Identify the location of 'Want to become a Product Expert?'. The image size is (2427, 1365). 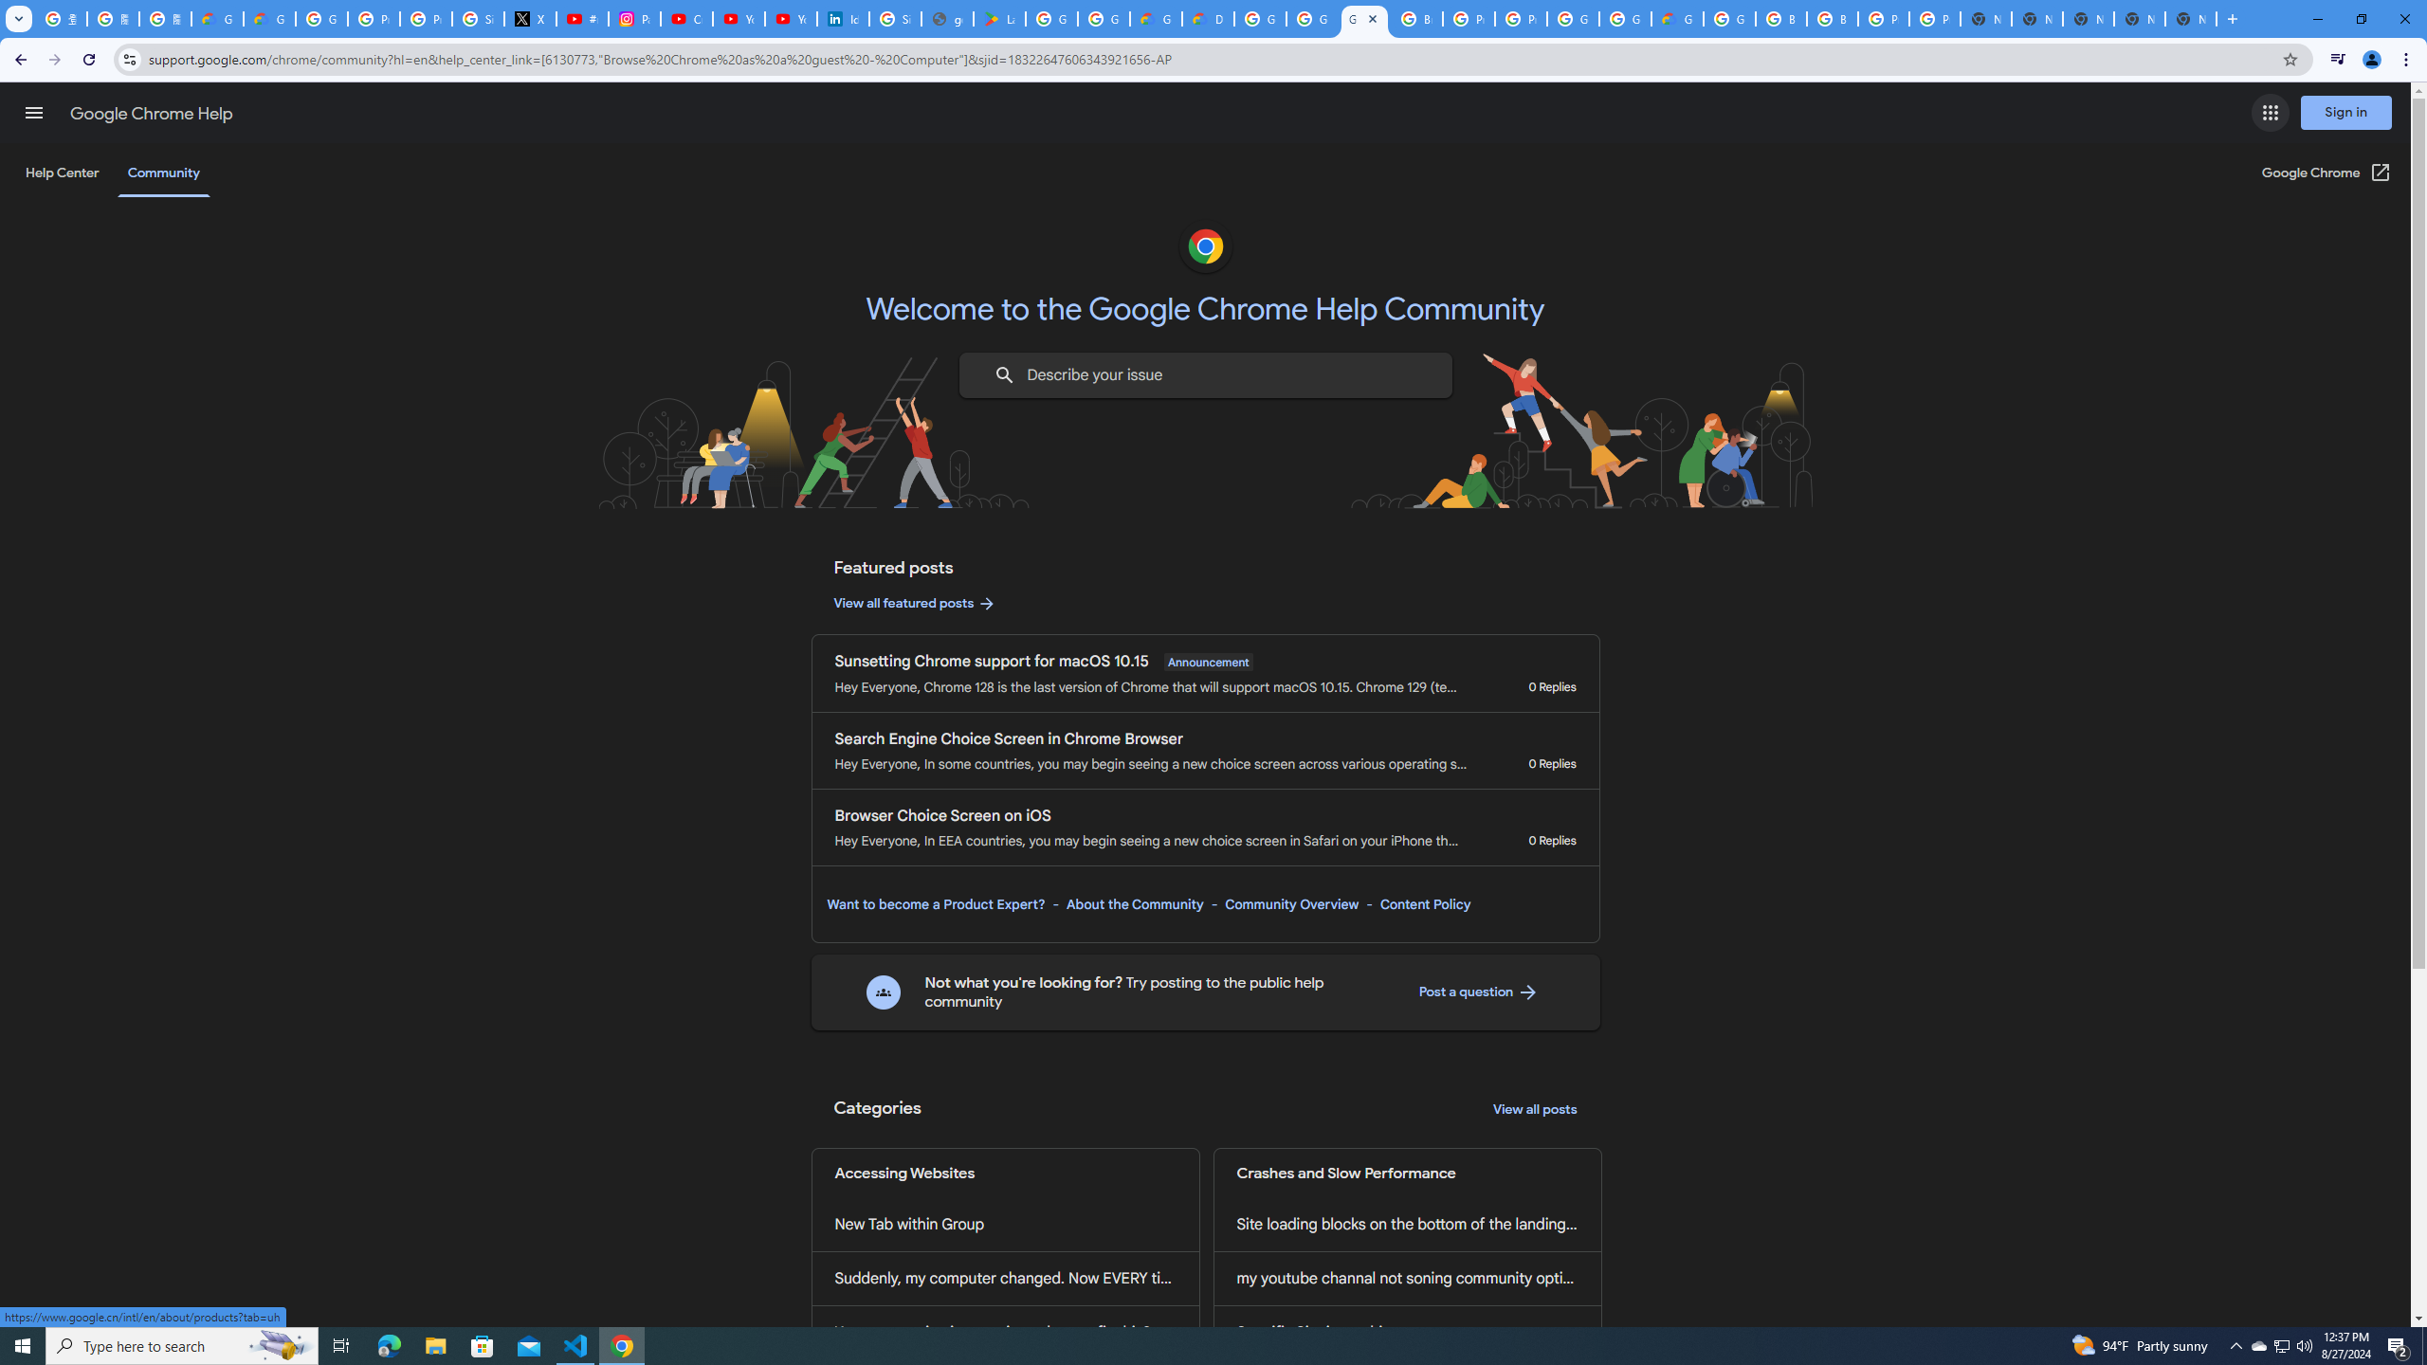
(936, 903).